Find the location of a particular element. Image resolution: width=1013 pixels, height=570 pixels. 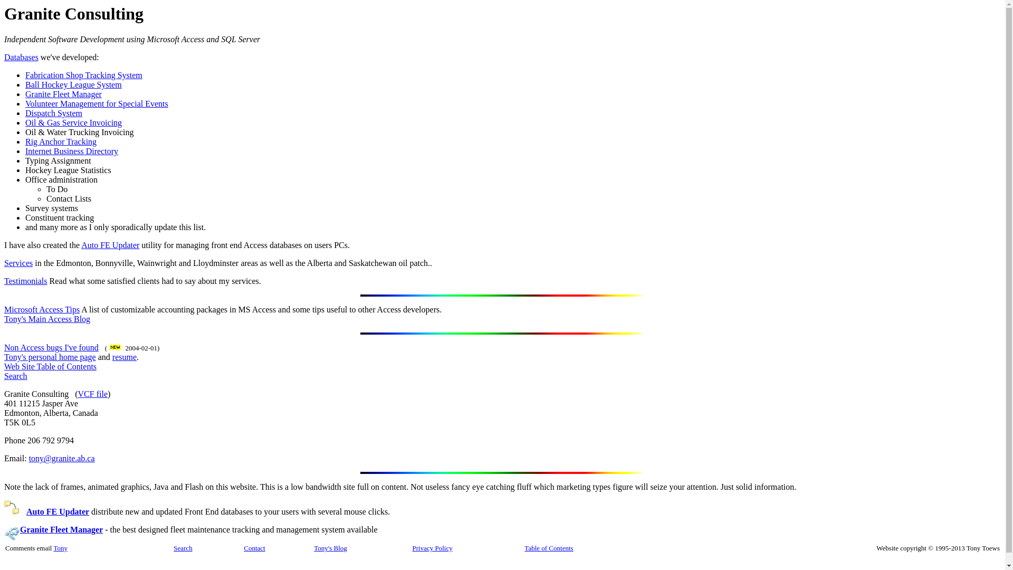

'Privacy Policy' is located at coordinates (433, 547).